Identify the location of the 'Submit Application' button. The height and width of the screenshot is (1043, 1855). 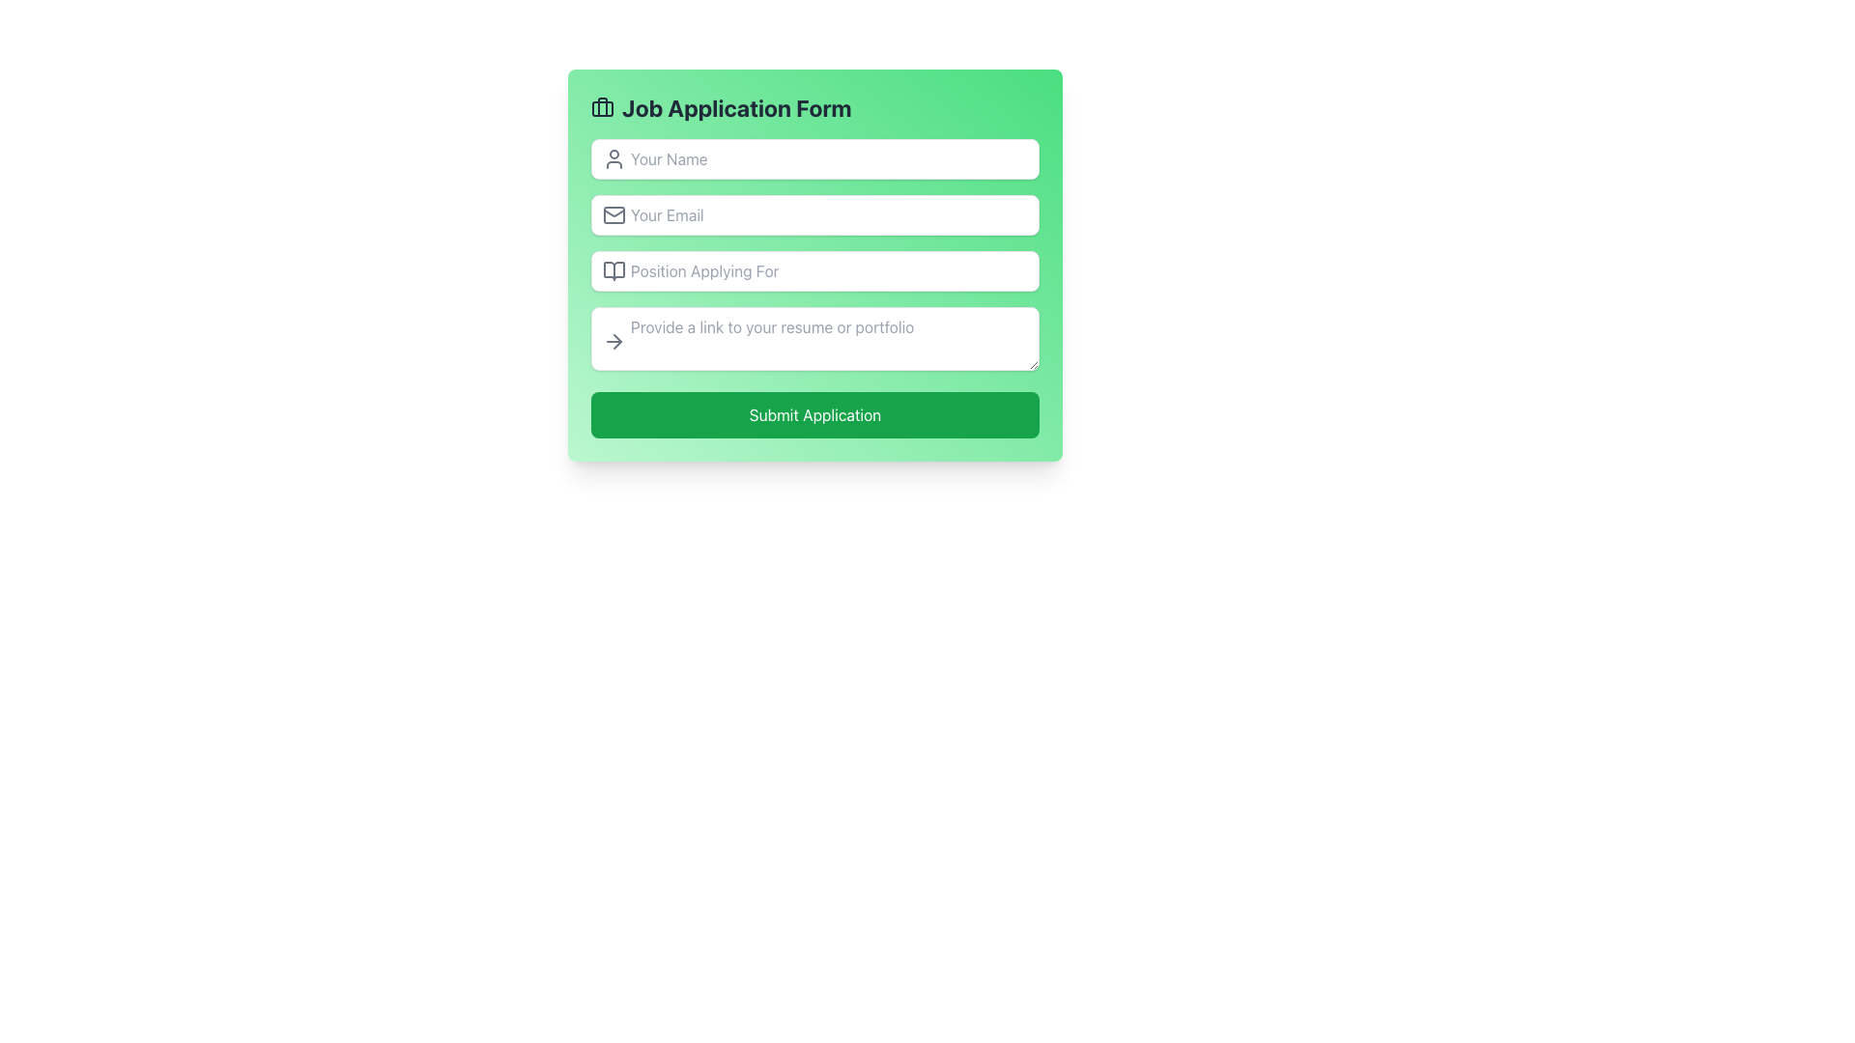
(815, 413).